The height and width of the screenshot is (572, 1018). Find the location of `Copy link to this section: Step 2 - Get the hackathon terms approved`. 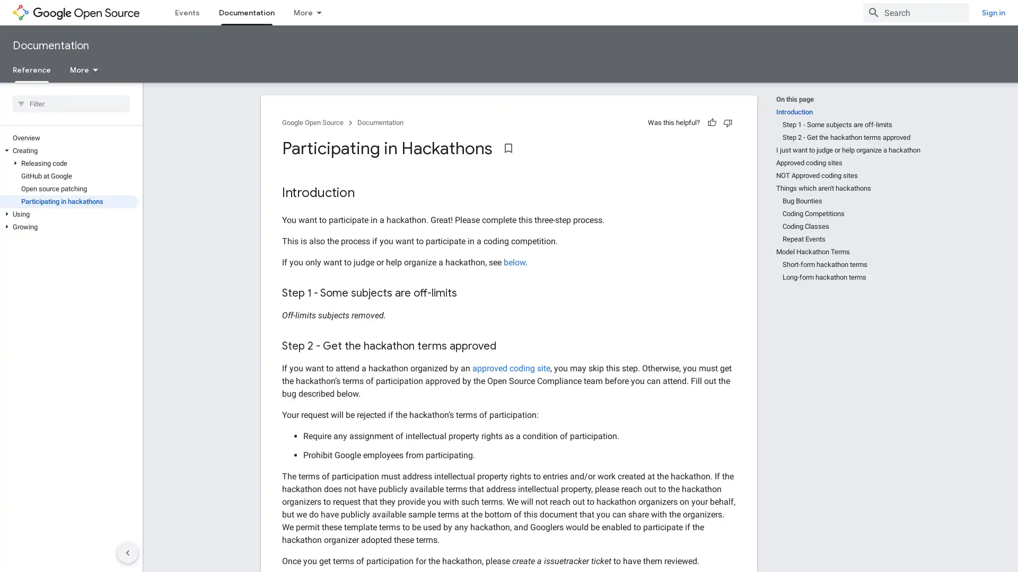

Copy link to this section: Step 2 - Get the hackathon terms approved is located at coordinates (506, 346).